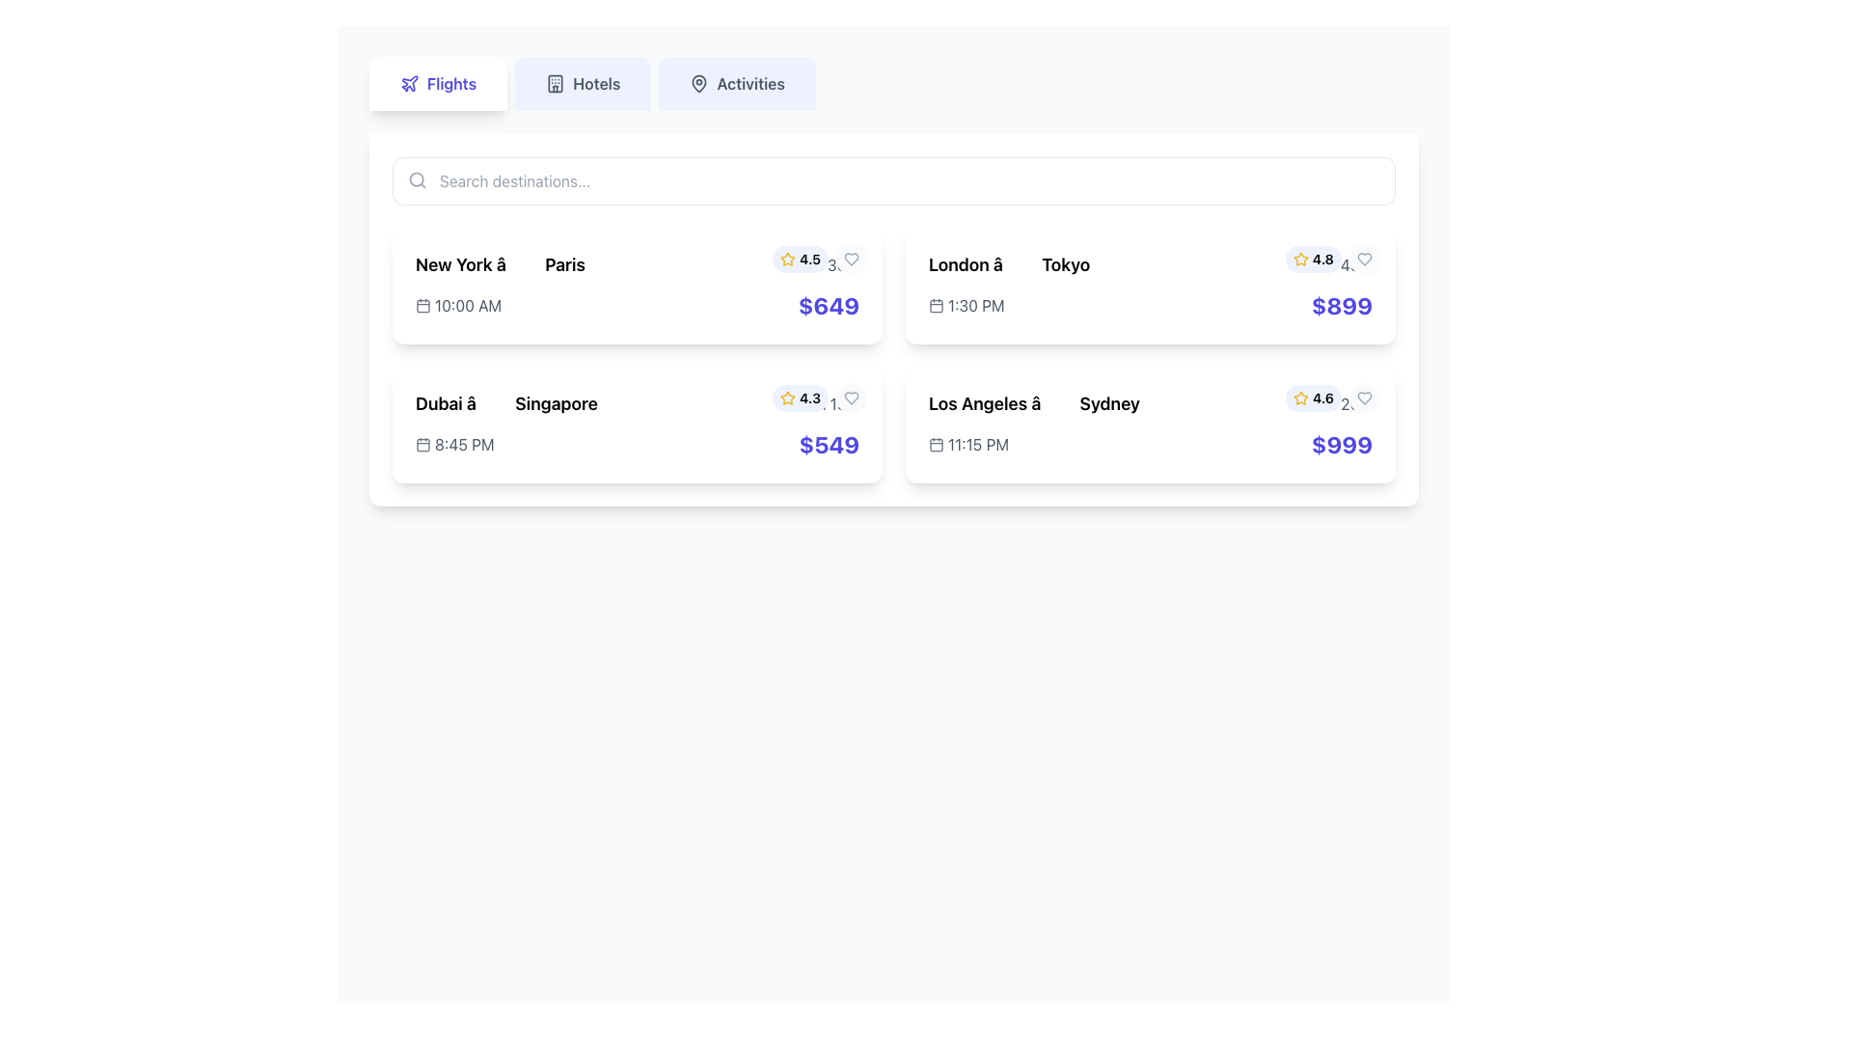  Describe the element at coordinates (1312, 259) in the screenshot. I see `rating displayed on the small circular badge with a light indigo background featuring a yellow star icon and the text '4.8' in bold black font, located in the top-right corner of the flight card from London to Tokyo` at that location.